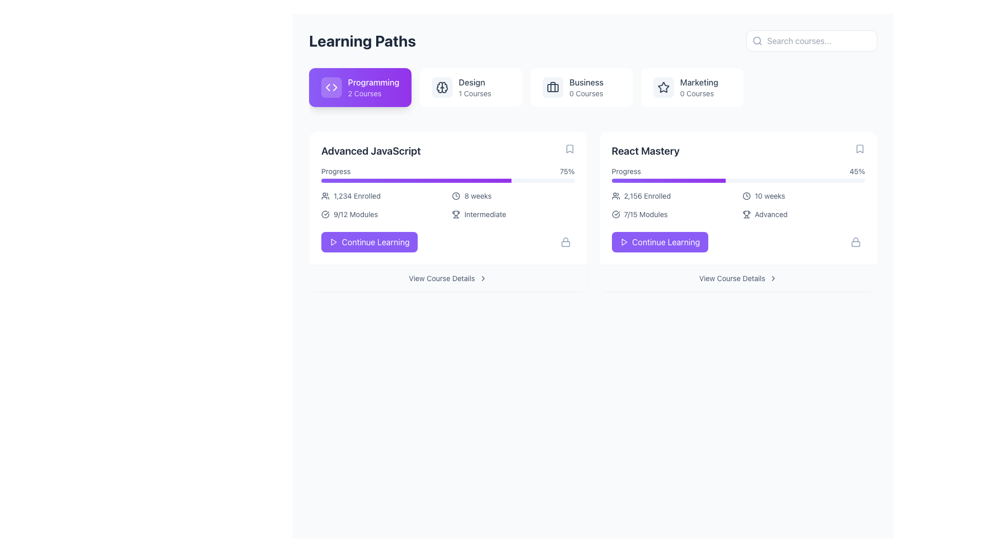 The width and height of the screenshot is (984, 553). Describe the element at coordinates (738, 205) in the screenshot. I see `displayed information from the Informational panel located in the upper-middle section of the card titled 'React Mastery', which contains details about enrolled participants, duration, module progress, and difficulty level` at that location.